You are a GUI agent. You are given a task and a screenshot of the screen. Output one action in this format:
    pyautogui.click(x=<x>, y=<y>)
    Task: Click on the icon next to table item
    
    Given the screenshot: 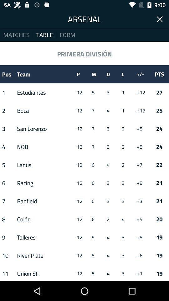 What is the action you would take?
    pyautogui.click(x=16, y=34)
    